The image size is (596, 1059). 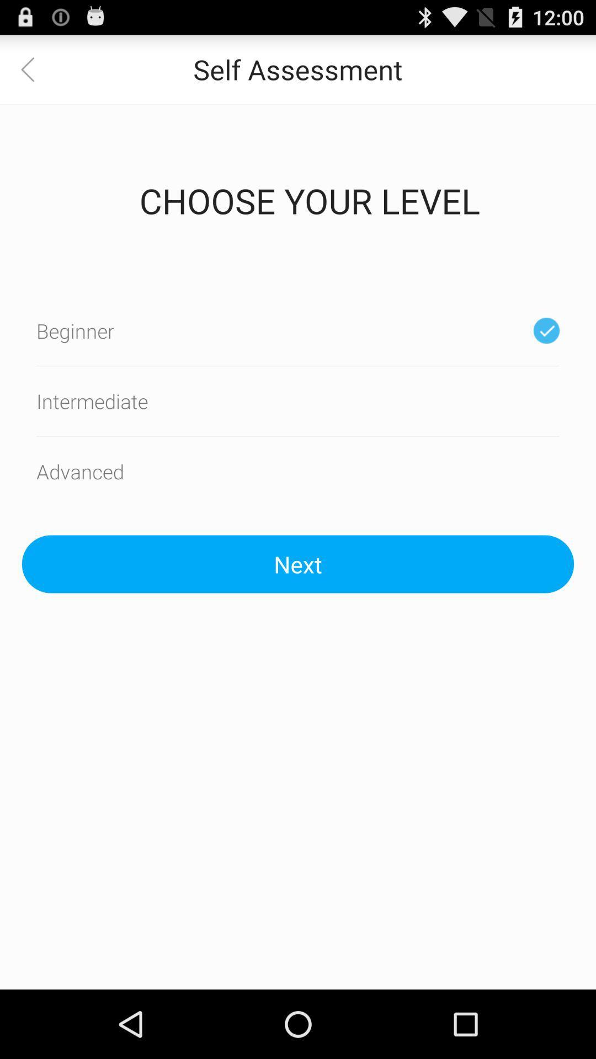 What do you see at coordinates (34, 68) in the screenshot?
I see `go back` at bounding box center [34, 68].